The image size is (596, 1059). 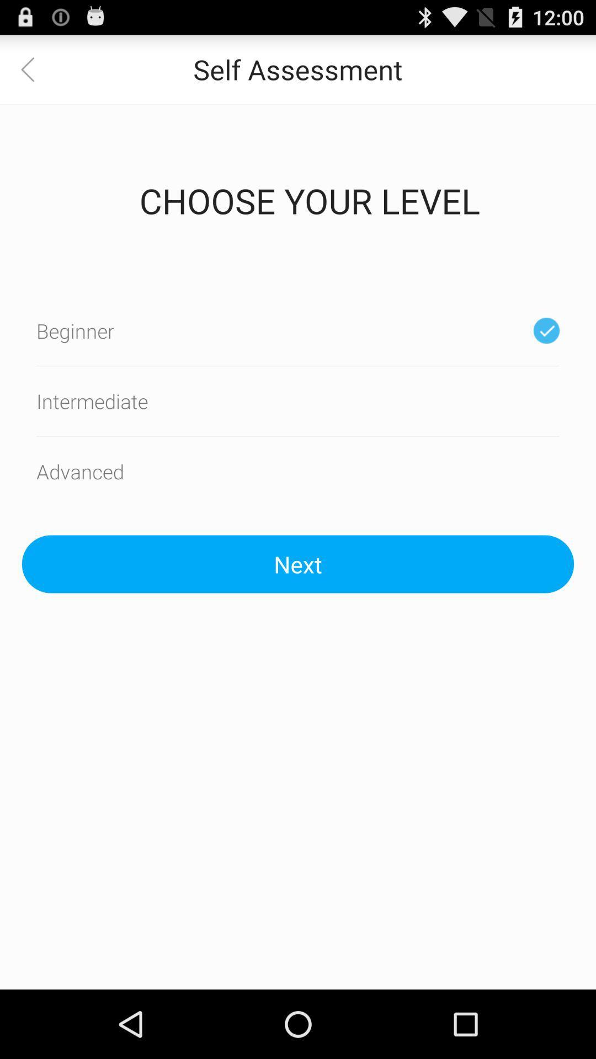 What do you see at coordinates (34, 68) in the screenshot?
I see `go back` at bounding box center [34, 68].